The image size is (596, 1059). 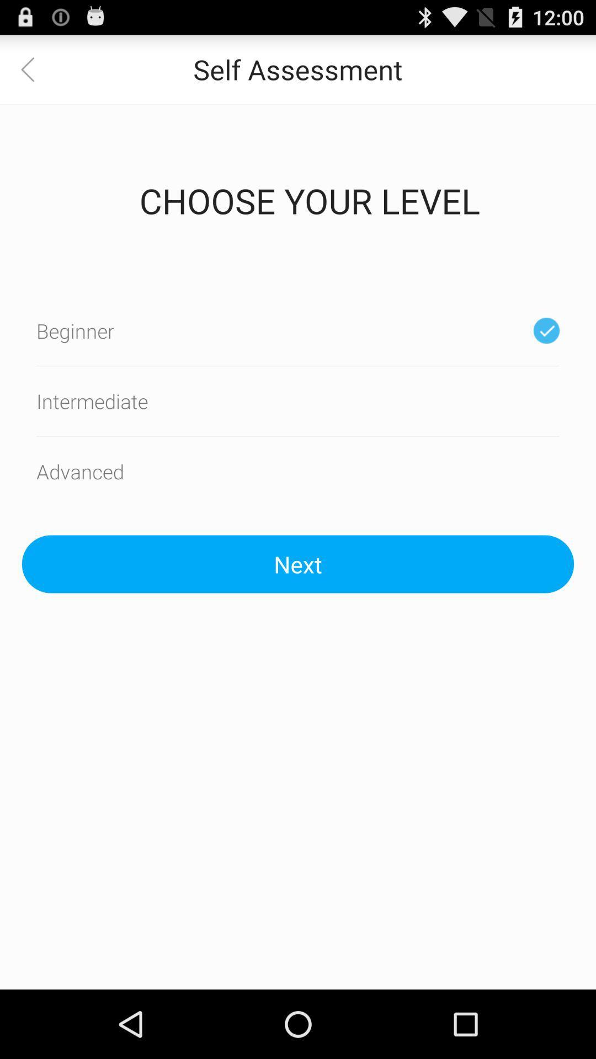 What do you see at coordinates (34, 68) in the screenshot?
I see `go back` at bounding box center [34, 68].